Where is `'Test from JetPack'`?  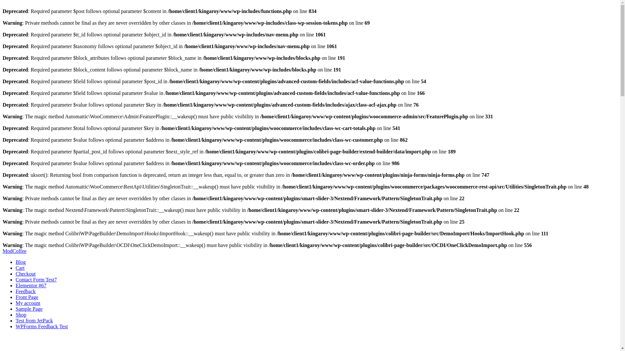
'Test from JetPack' is located at coordinates (34, 320).